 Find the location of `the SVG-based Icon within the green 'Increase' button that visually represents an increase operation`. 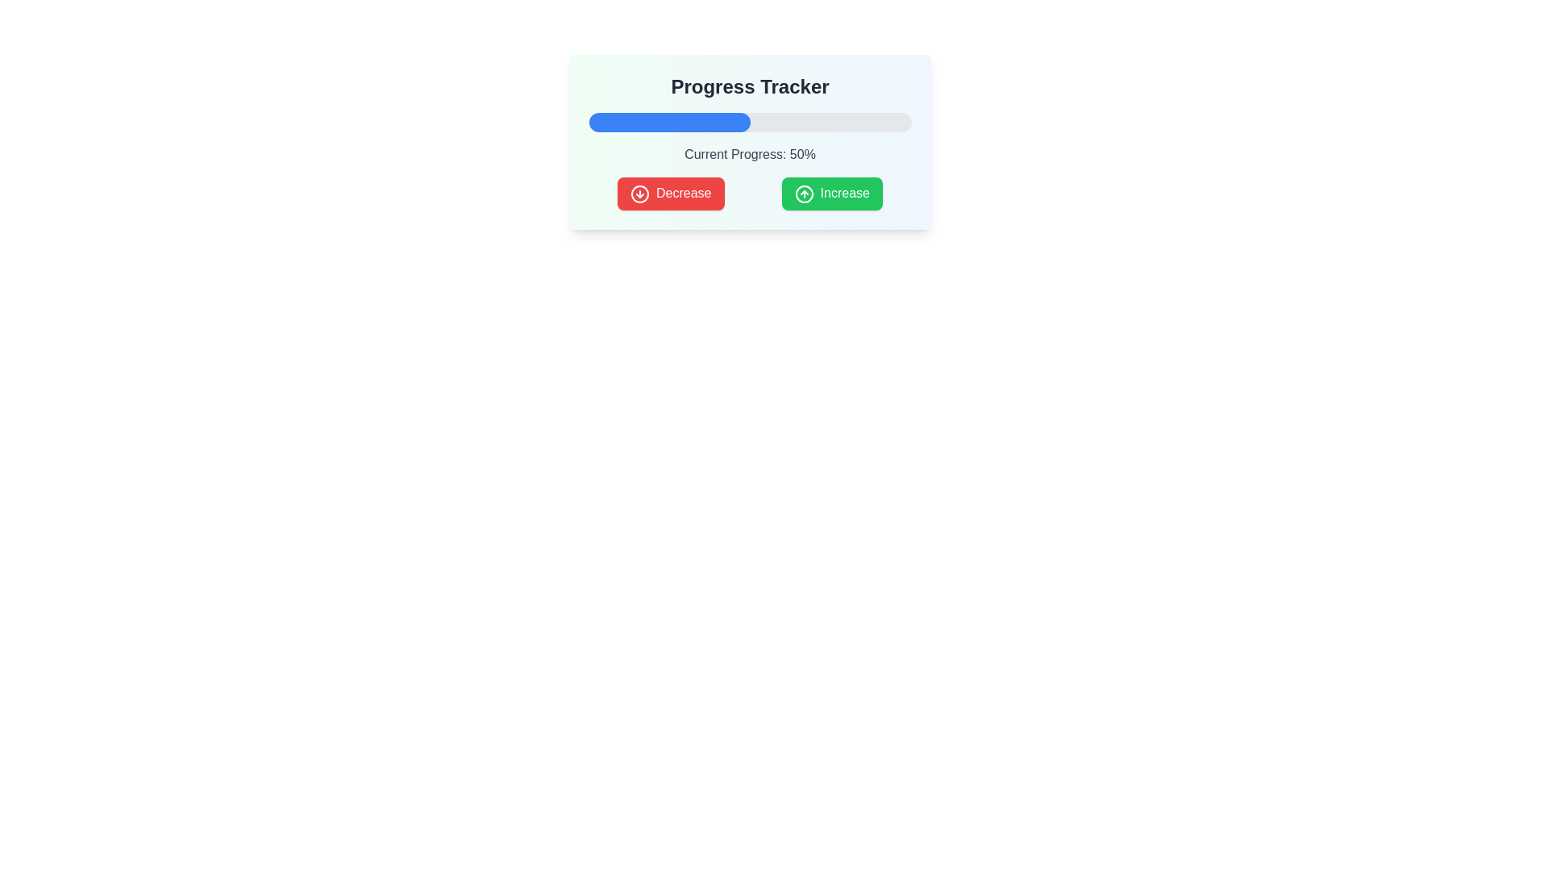

the SVG-based Icon within the green 'Increase' button that visually represents an increase operation is located at coordinates (804, 193).